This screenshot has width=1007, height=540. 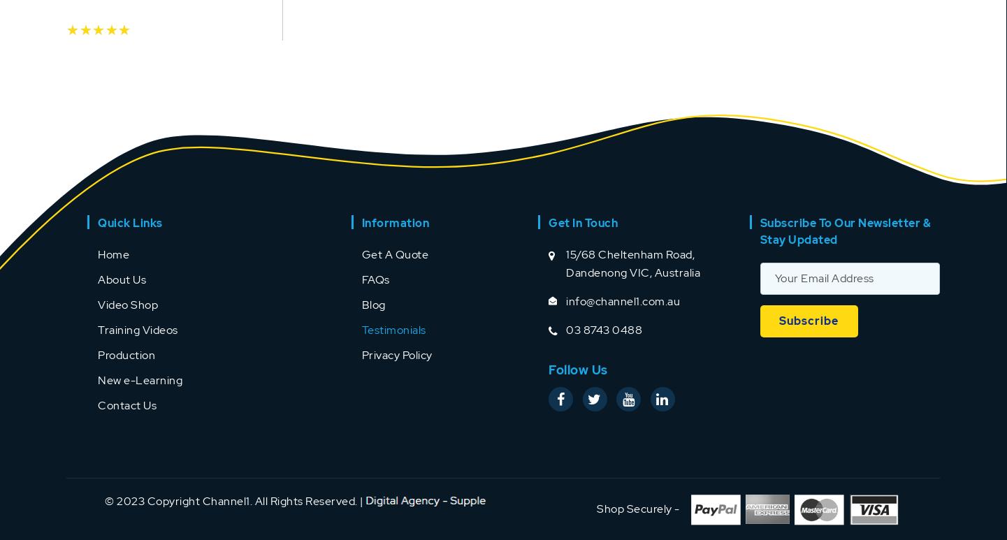 I want to click on 'Video Shop', so click(x=97, y=304).